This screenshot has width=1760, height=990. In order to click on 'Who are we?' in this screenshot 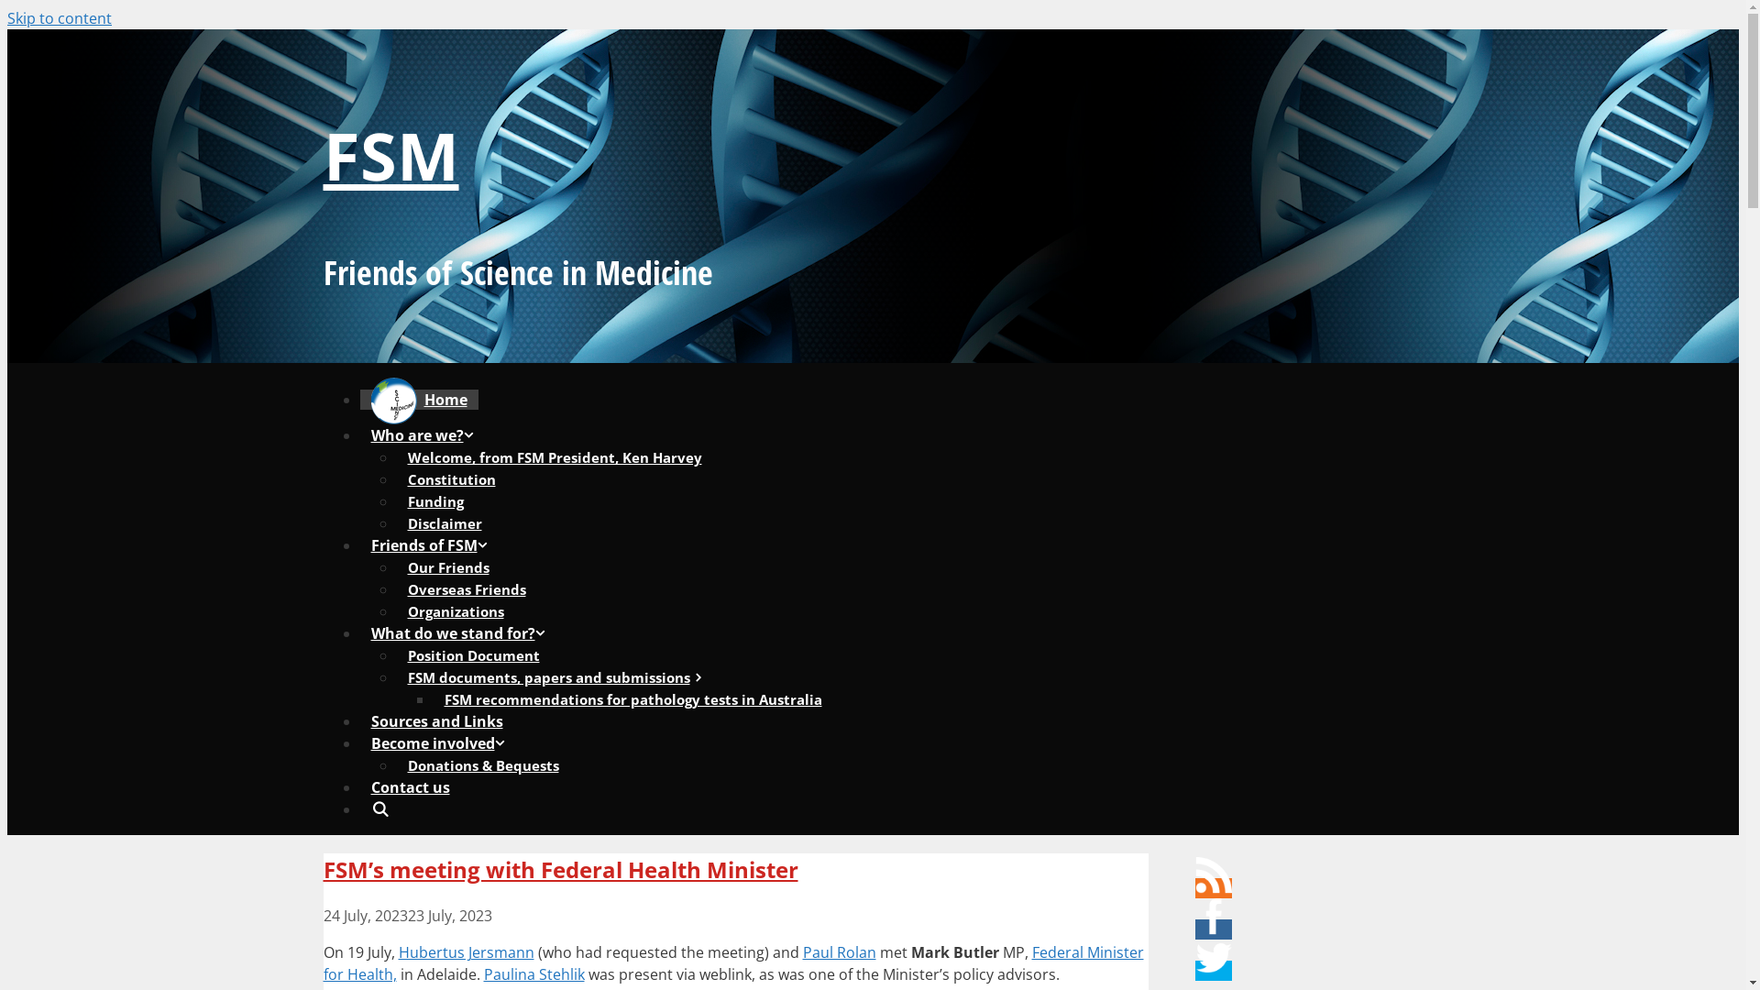, I will do `click(426, 434)`.